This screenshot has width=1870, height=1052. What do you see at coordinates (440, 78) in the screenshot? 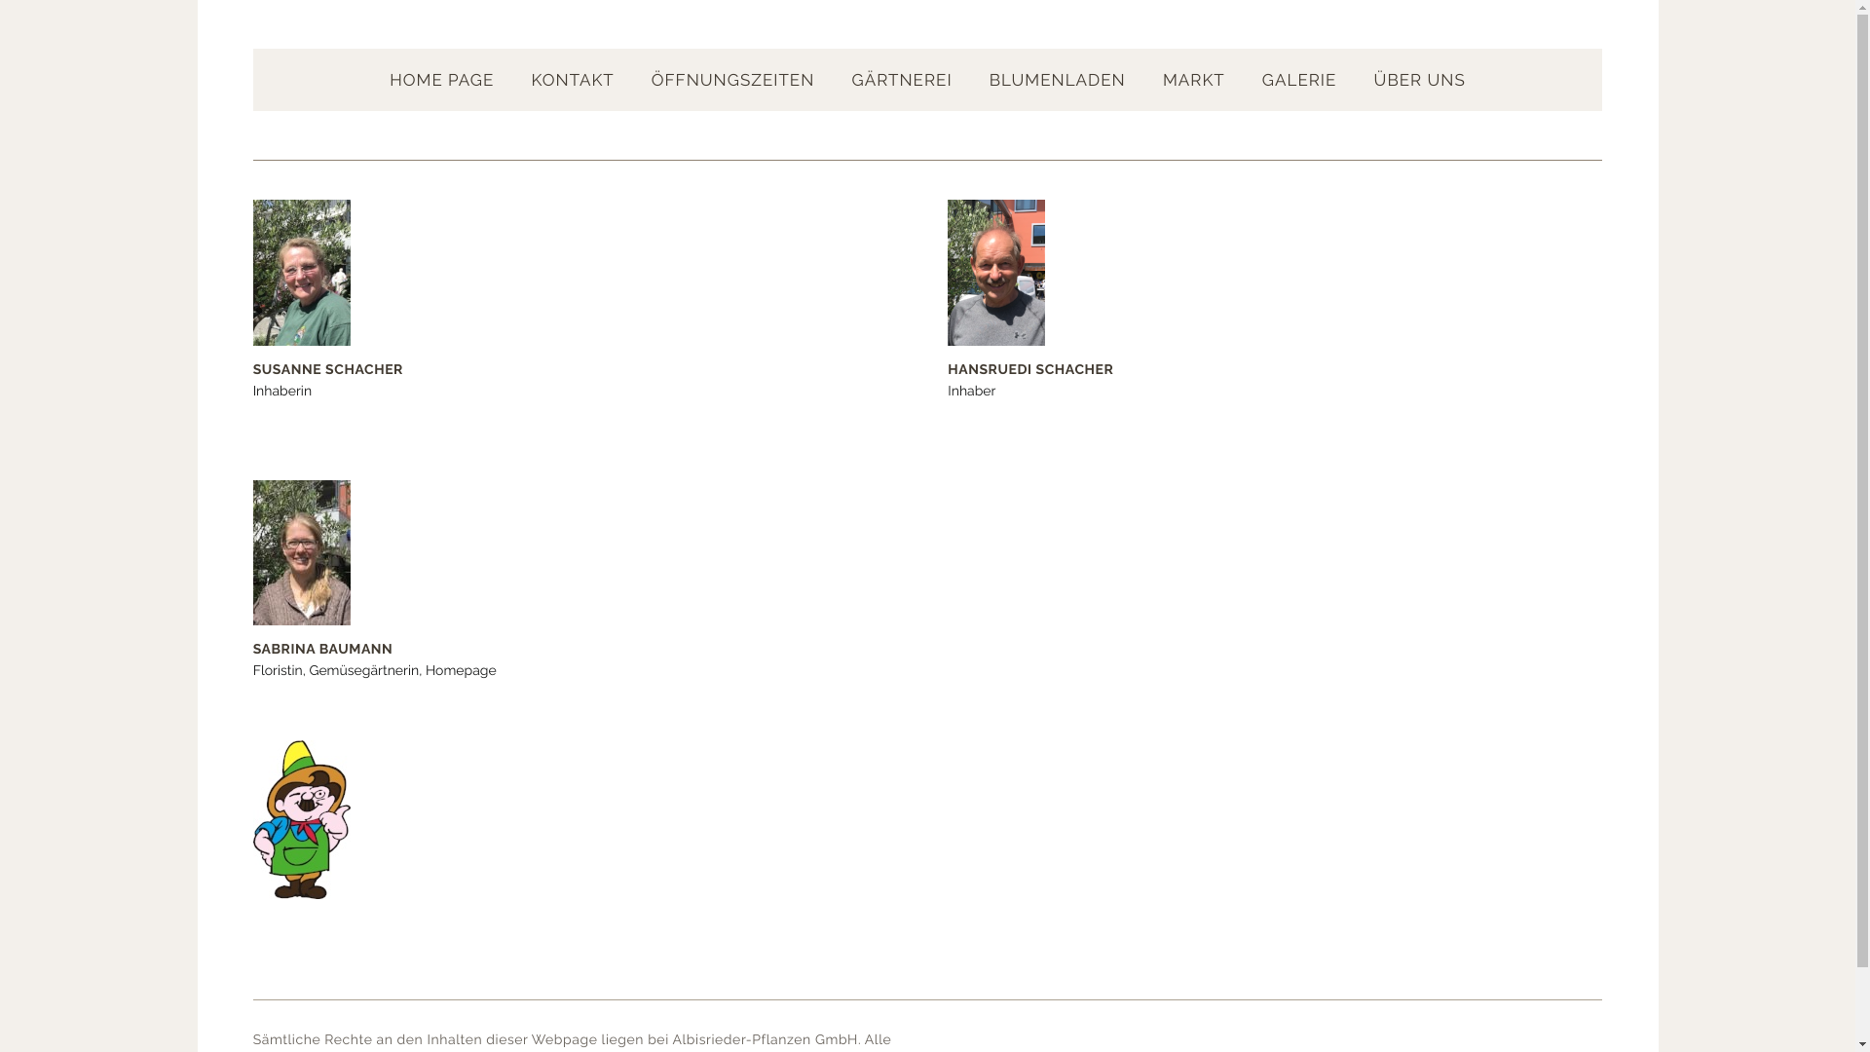
I see `'HOME PAGE'` at bounding box center [440, 78].